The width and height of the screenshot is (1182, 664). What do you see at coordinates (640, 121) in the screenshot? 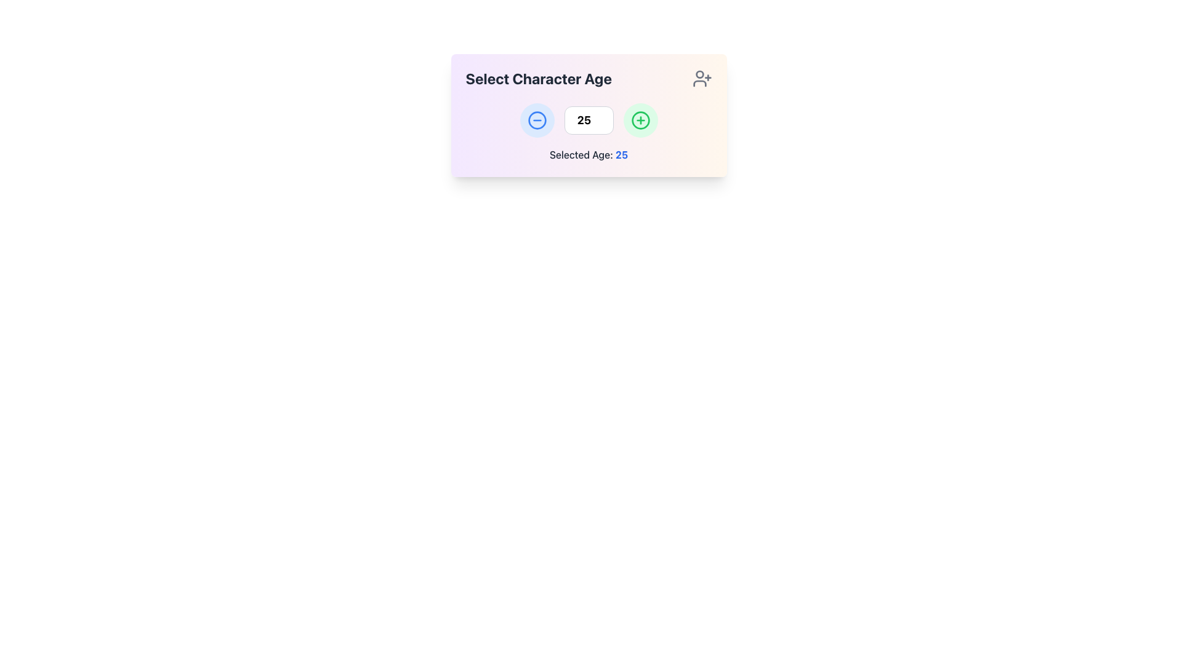
I see `the third button located to the right of the number input field displaying '25' to increment its value` at bounding box center [640, 121].